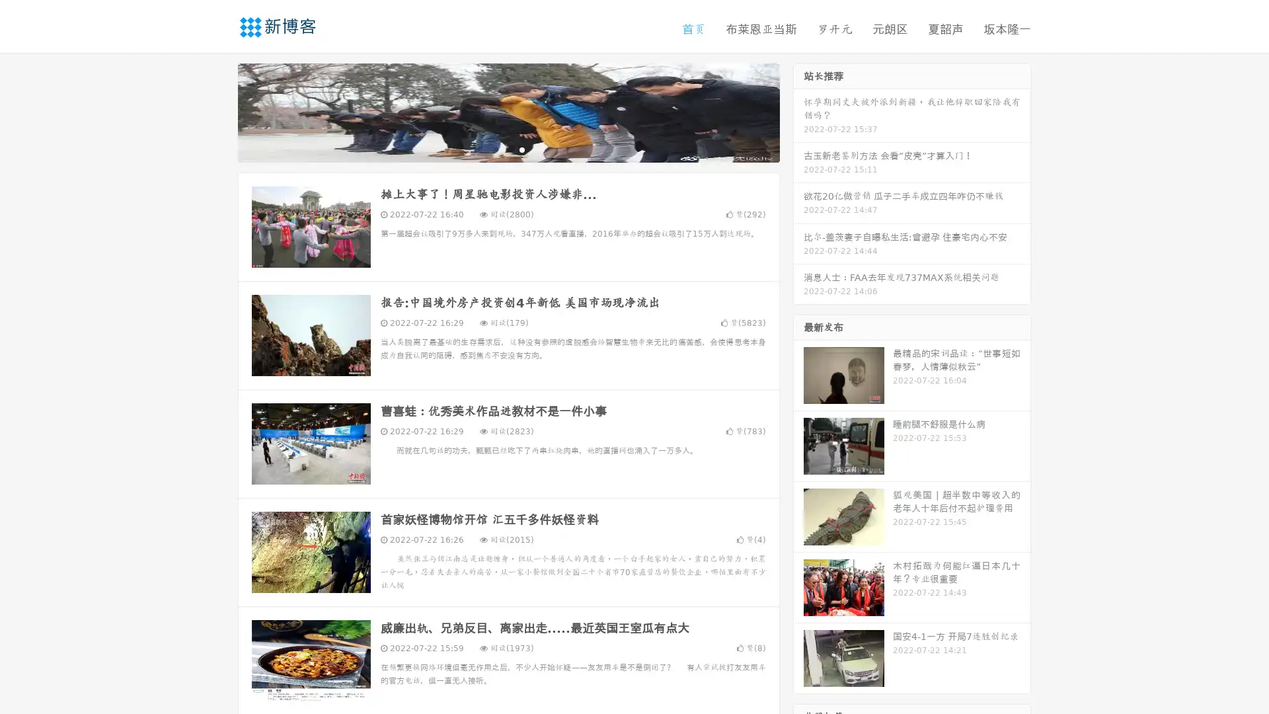 This screenshot has width=1269, height=714. Describe the element at coordinates (798, 111) in the screenshot. I see `Next slide` at that location.